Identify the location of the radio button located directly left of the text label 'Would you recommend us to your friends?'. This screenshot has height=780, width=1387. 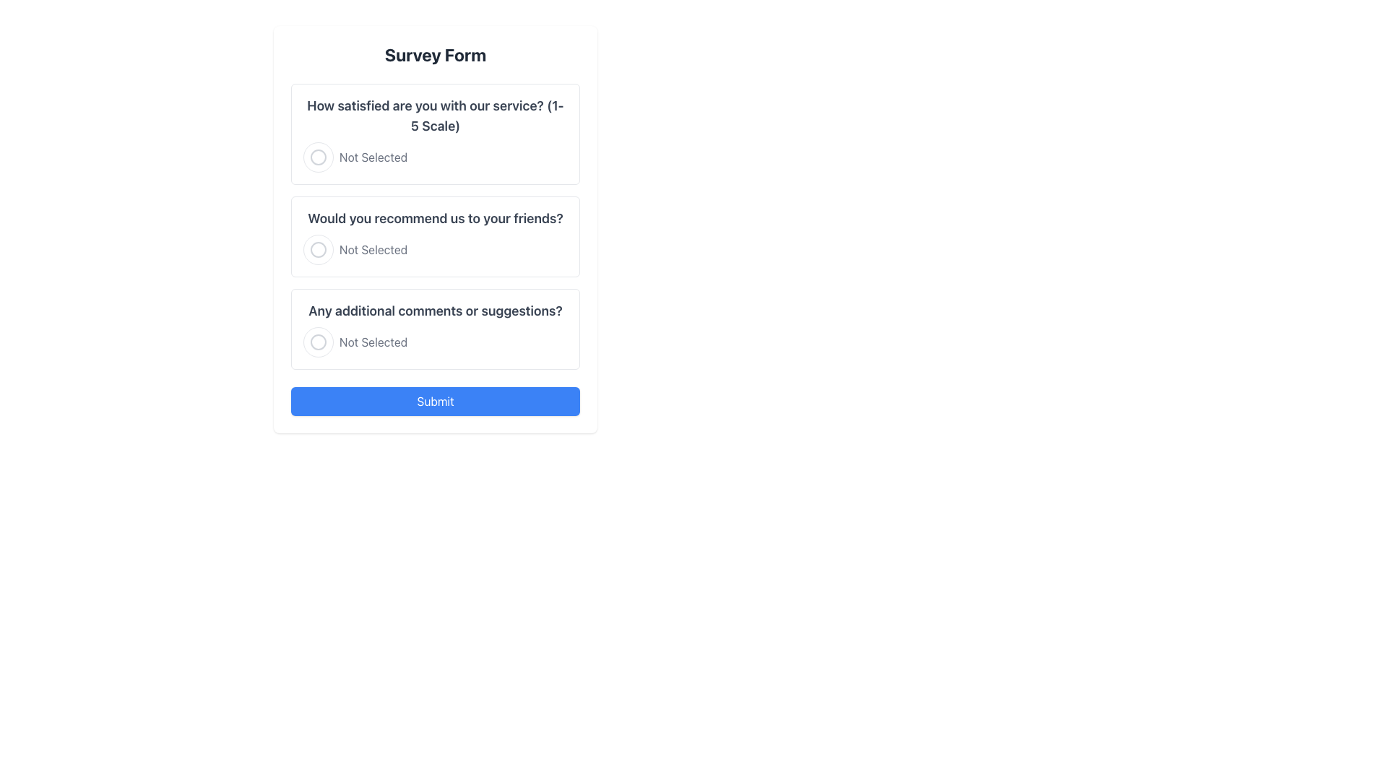
(318, 249).